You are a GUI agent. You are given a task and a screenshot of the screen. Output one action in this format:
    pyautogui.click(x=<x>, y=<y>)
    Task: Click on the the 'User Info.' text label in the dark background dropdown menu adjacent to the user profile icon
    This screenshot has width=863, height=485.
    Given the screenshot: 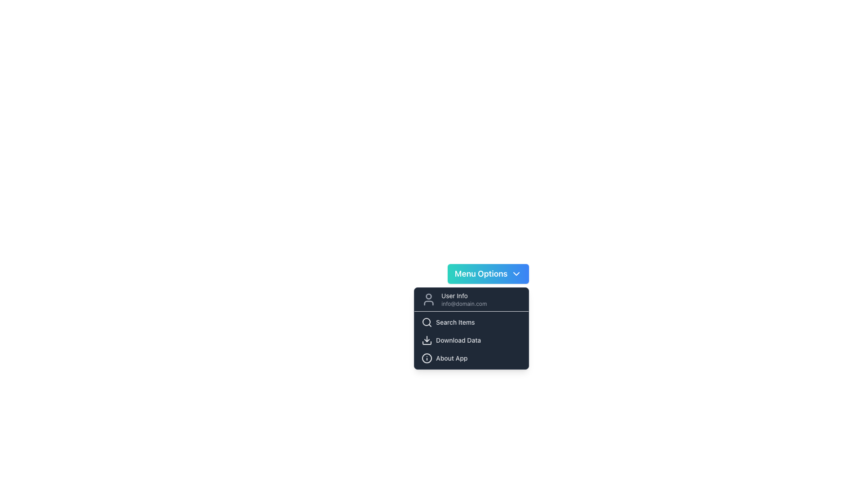 What is the action you would take?
    pyautogui.click(x=464, y=296)
    